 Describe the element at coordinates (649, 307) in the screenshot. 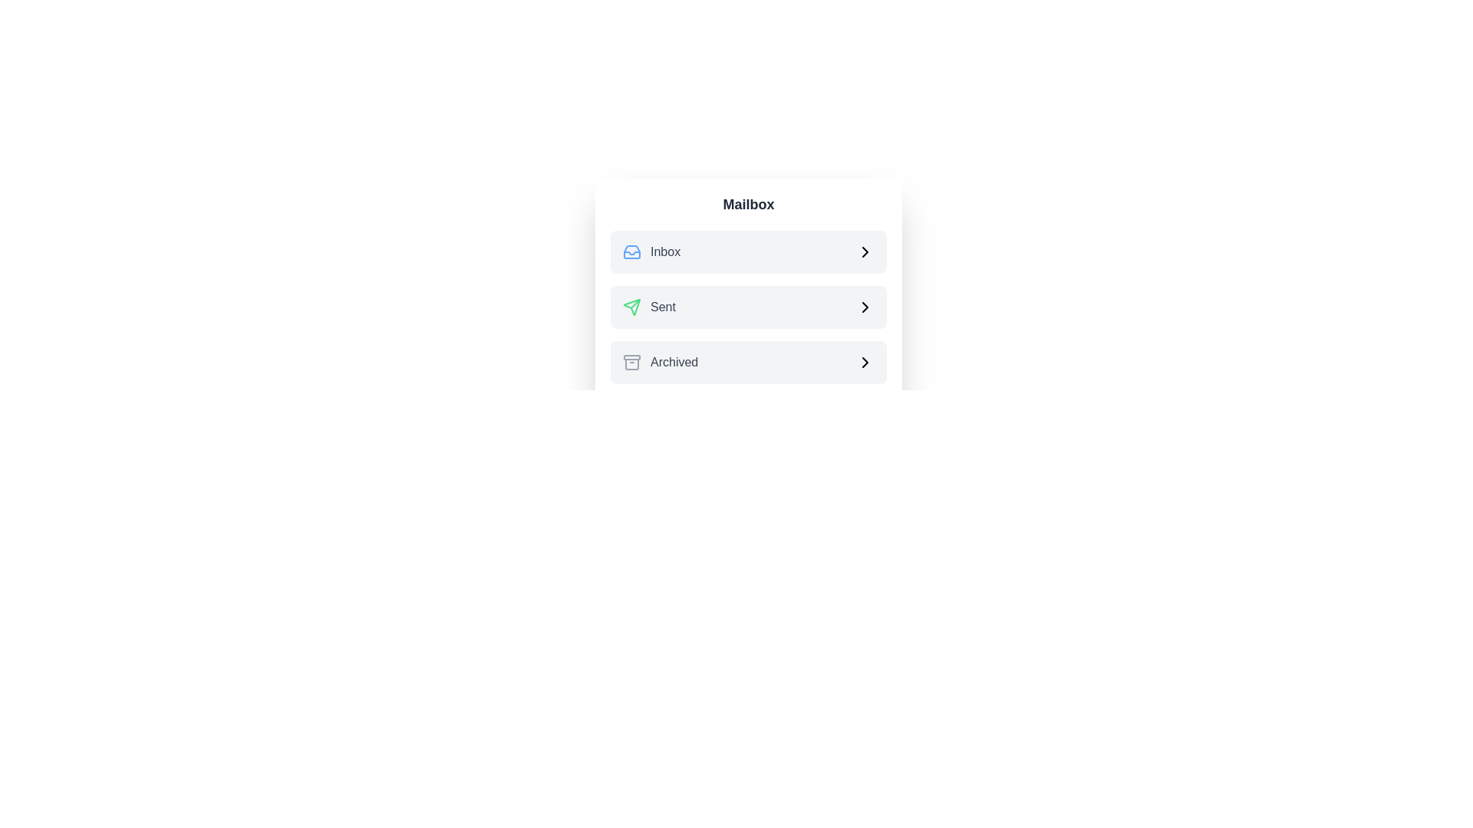

I see `the 'Sent' navigation item, which features a green paper airplane icon and dark gray text` at that location.